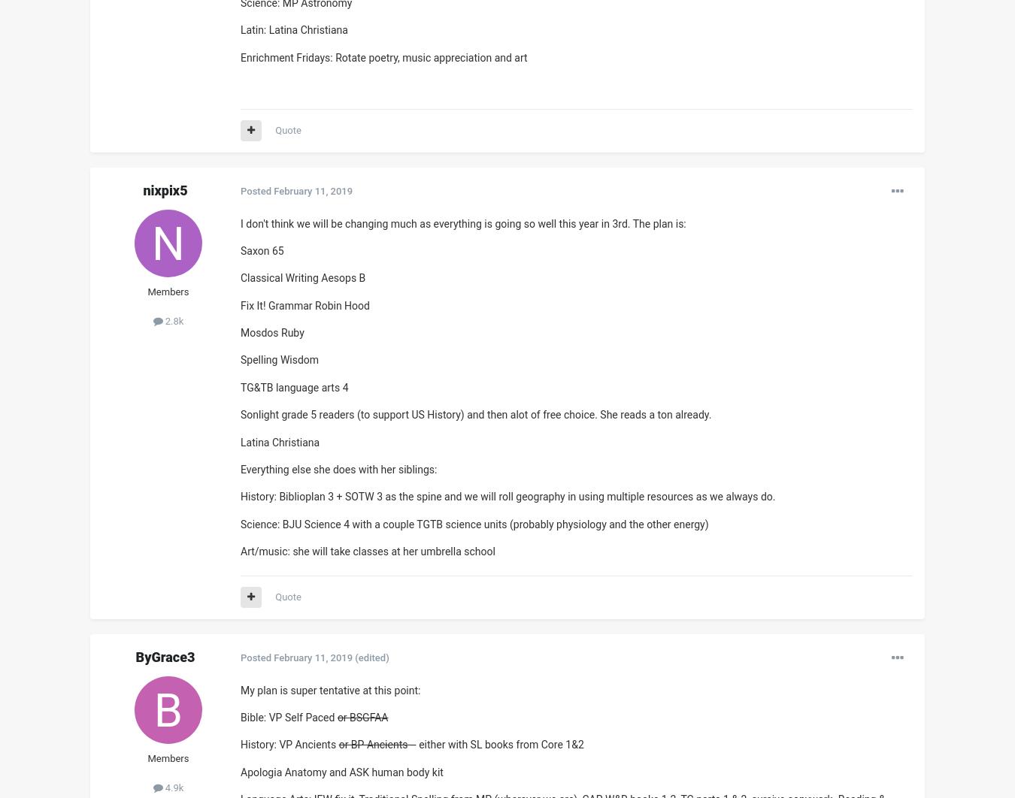 This screenshot has width=1015, height=798. I want to click on '- either with SL books from Core 1&2', so click(498, 743).